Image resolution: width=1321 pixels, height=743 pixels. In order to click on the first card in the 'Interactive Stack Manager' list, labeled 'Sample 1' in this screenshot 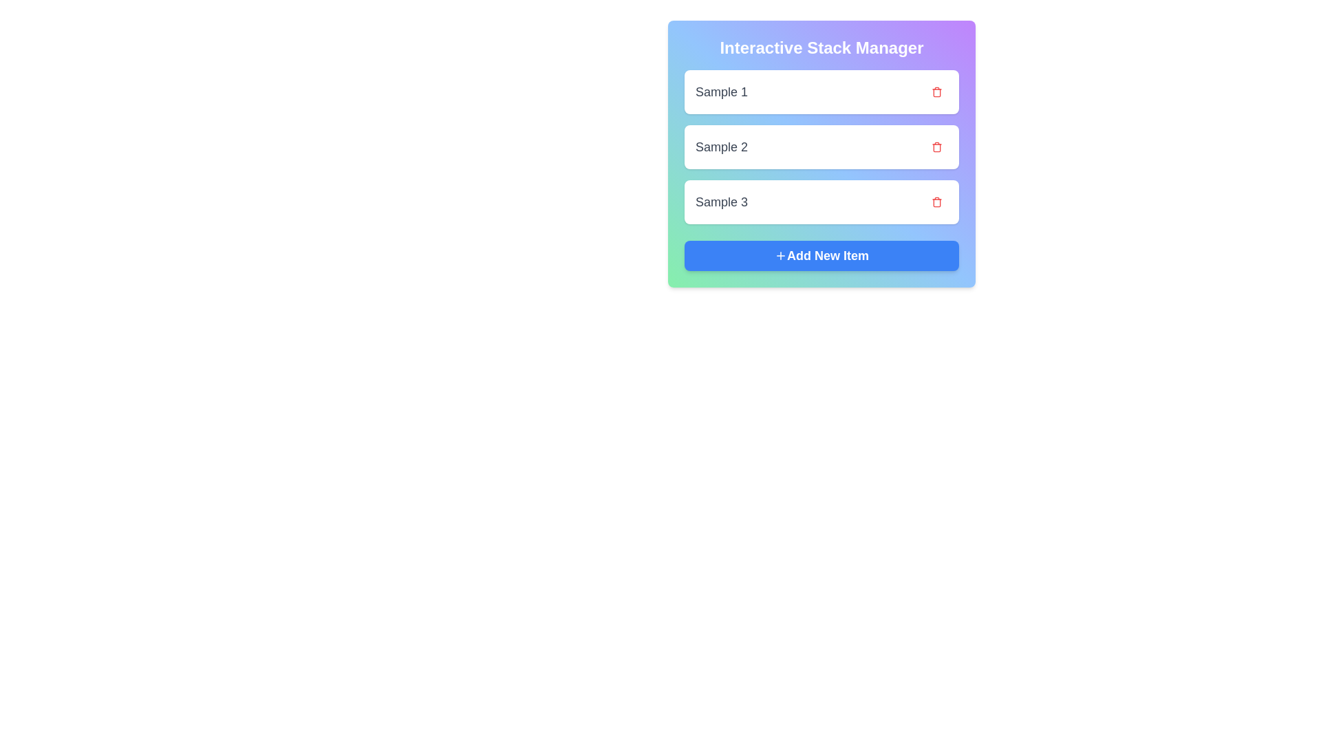, I will do `click(821, 92)`.